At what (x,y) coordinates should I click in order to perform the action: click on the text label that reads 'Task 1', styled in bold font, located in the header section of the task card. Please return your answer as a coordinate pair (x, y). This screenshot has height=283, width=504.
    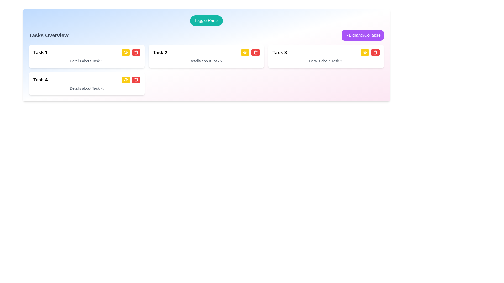
    Looking at the image, I should click on (40, 52).